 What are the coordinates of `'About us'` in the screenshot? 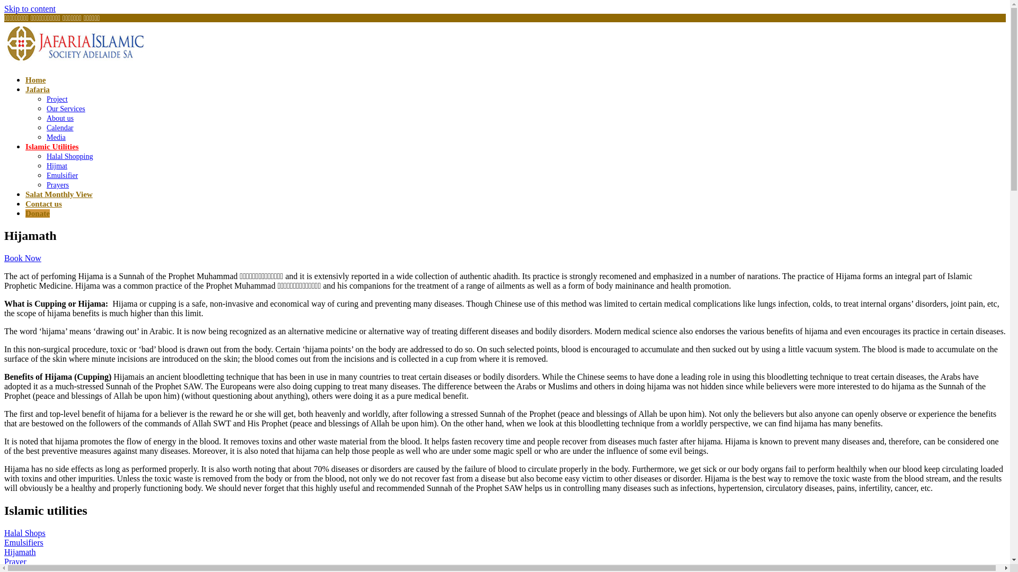 It's located at (59, 118).